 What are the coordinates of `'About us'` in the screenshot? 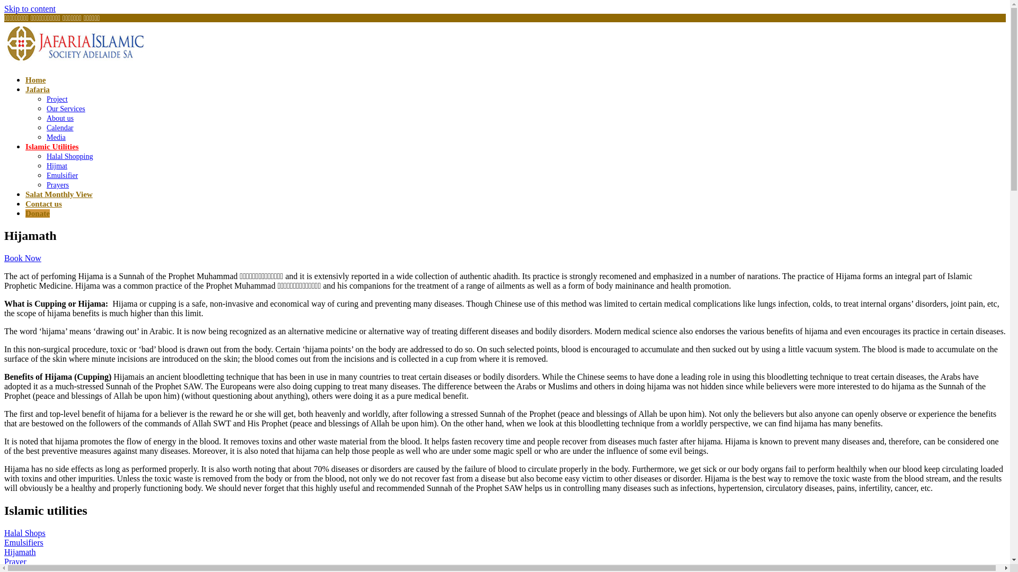 It's located at (59, 118).